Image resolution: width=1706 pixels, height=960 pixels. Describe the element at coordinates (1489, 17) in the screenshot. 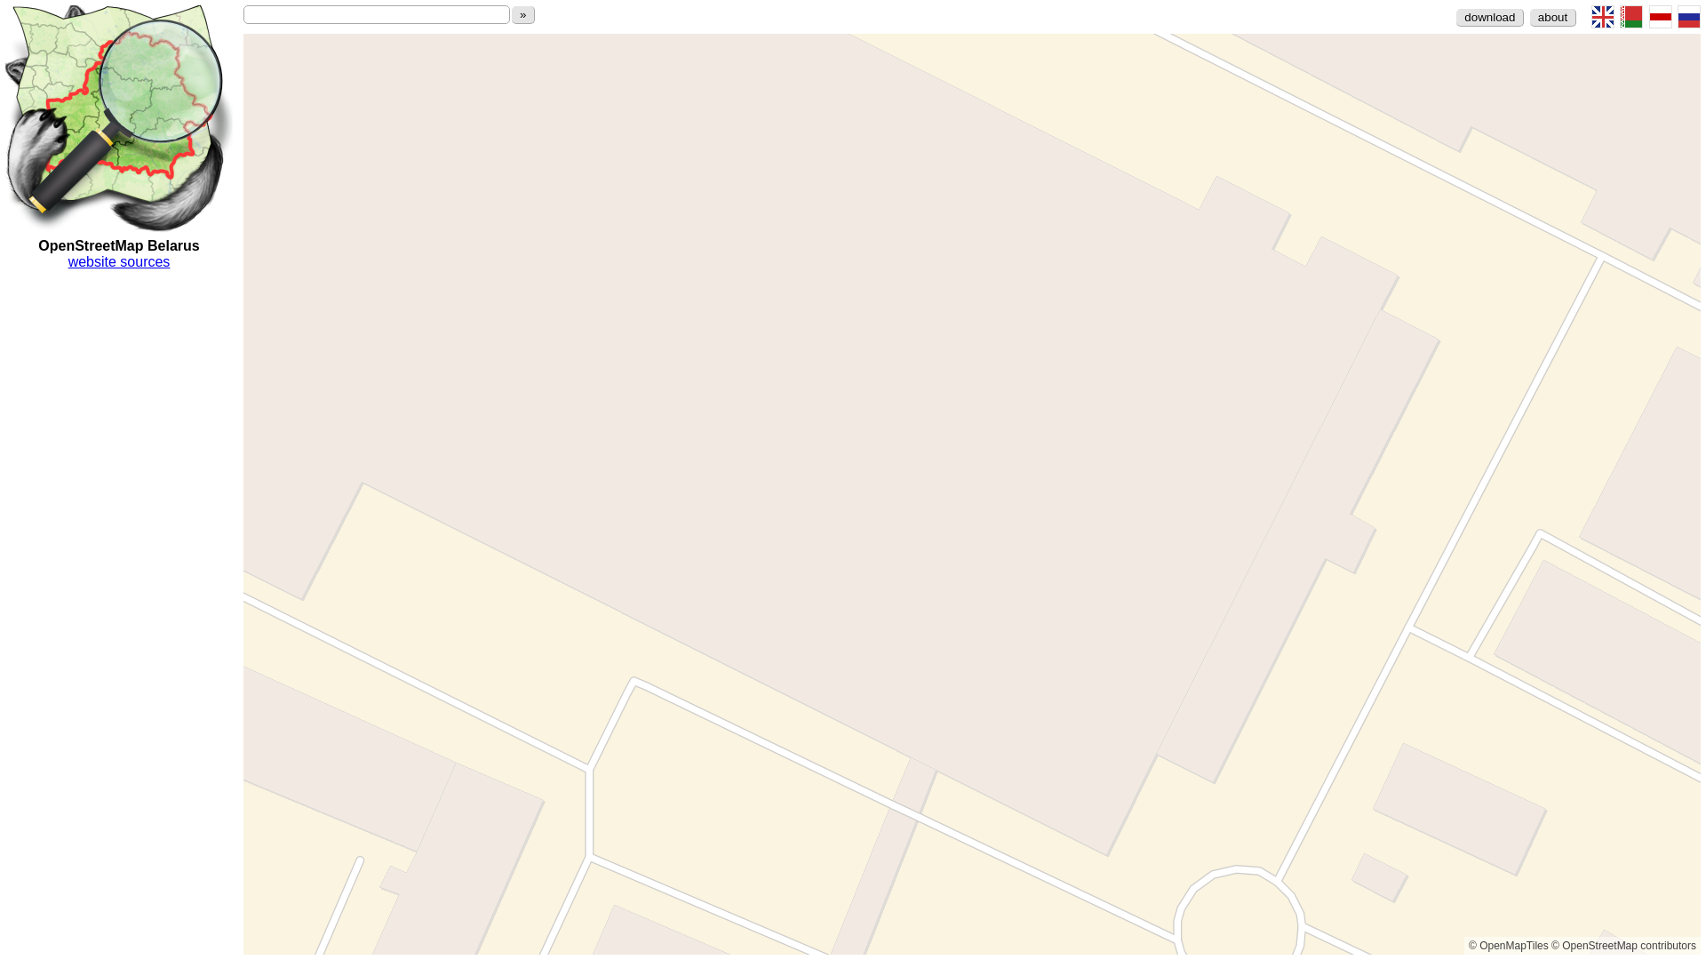

I see `'download'` at that location.